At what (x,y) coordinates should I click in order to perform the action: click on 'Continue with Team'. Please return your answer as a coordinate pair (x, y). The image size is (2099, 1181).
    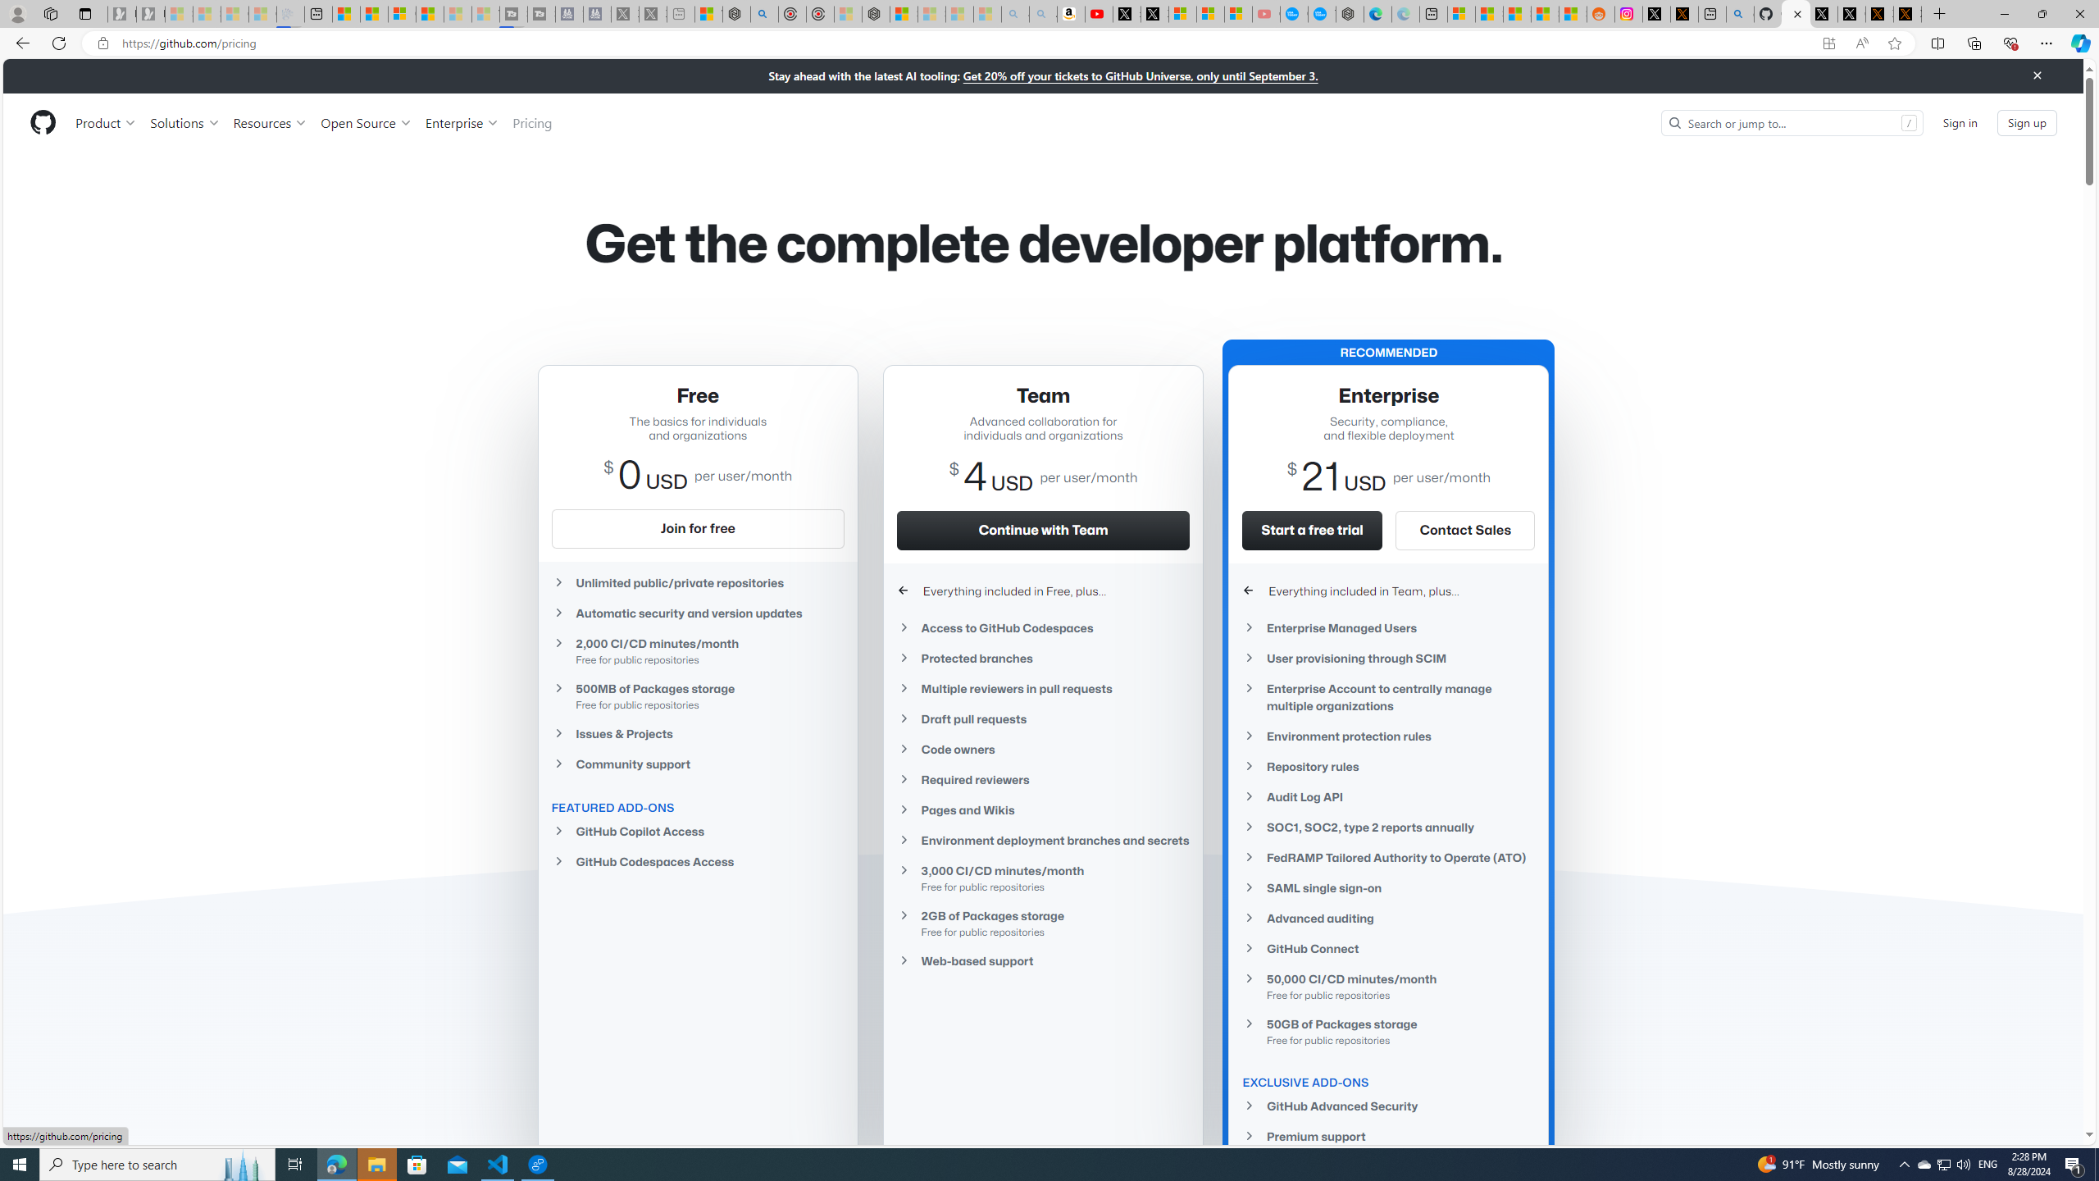
    Looking at the image, I should click on (1042, 530).